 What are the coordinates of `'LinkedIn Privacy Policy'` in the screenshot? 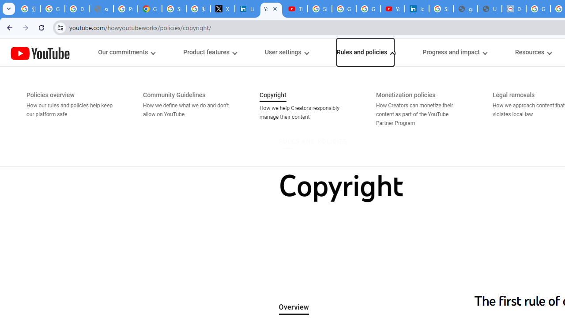 It's located at (247, 9).